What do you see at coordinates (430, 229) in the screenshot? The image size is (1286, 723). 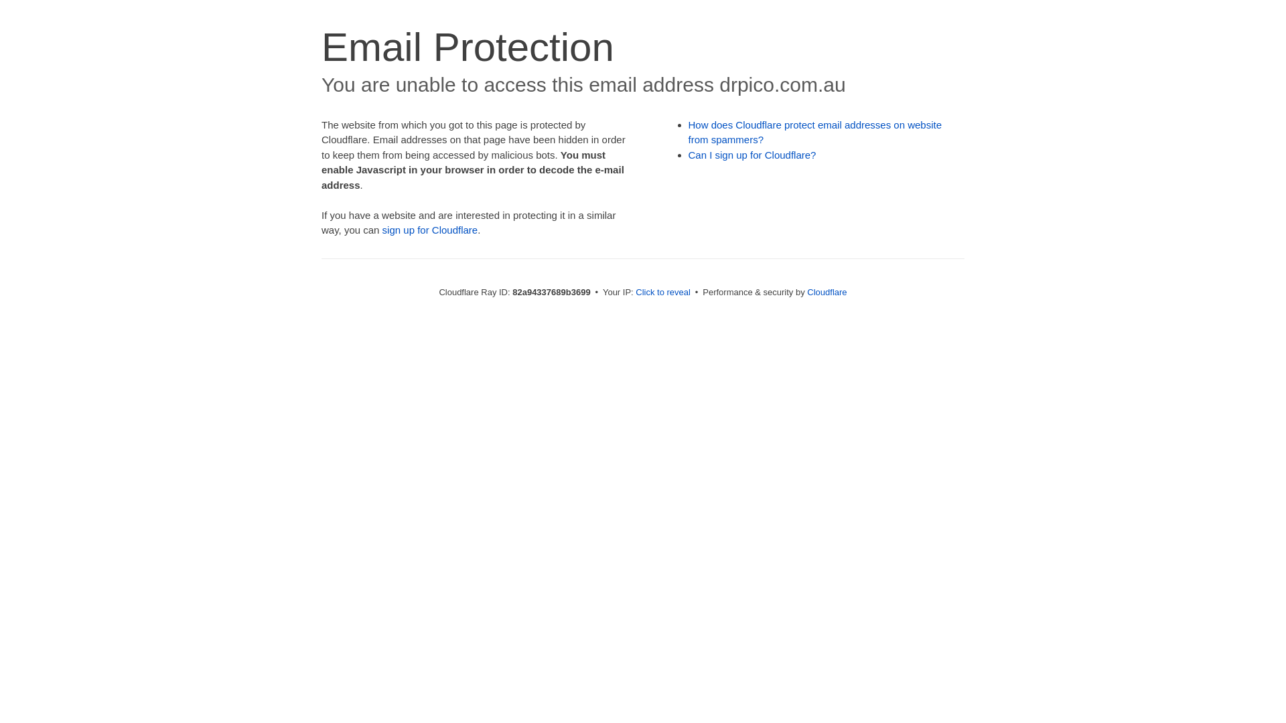 I see `'sign up for Cloudflare'` at bounding box center [430, 229].